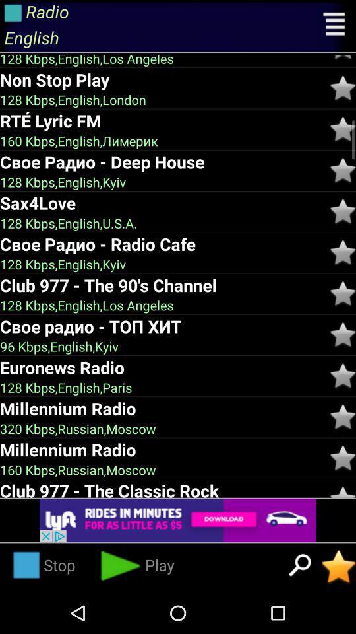 The width and height of the screenshot is (356, 634). Describe the element at coordinates (343, 129) in the screenshot. I see `star` at that location.